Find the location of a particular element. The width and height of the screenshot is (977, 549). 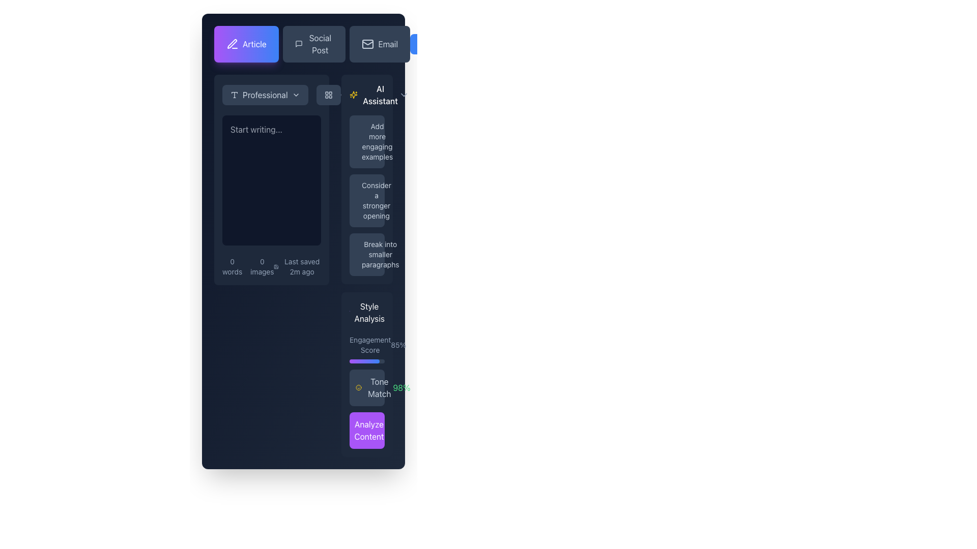

the displayed percentage score of the 'Tone Match' indicator which shows '98%' on a dark slate background, located between 'Engagement Score 85%' and 'Analyze Content' is located at coordinates (366, 388).